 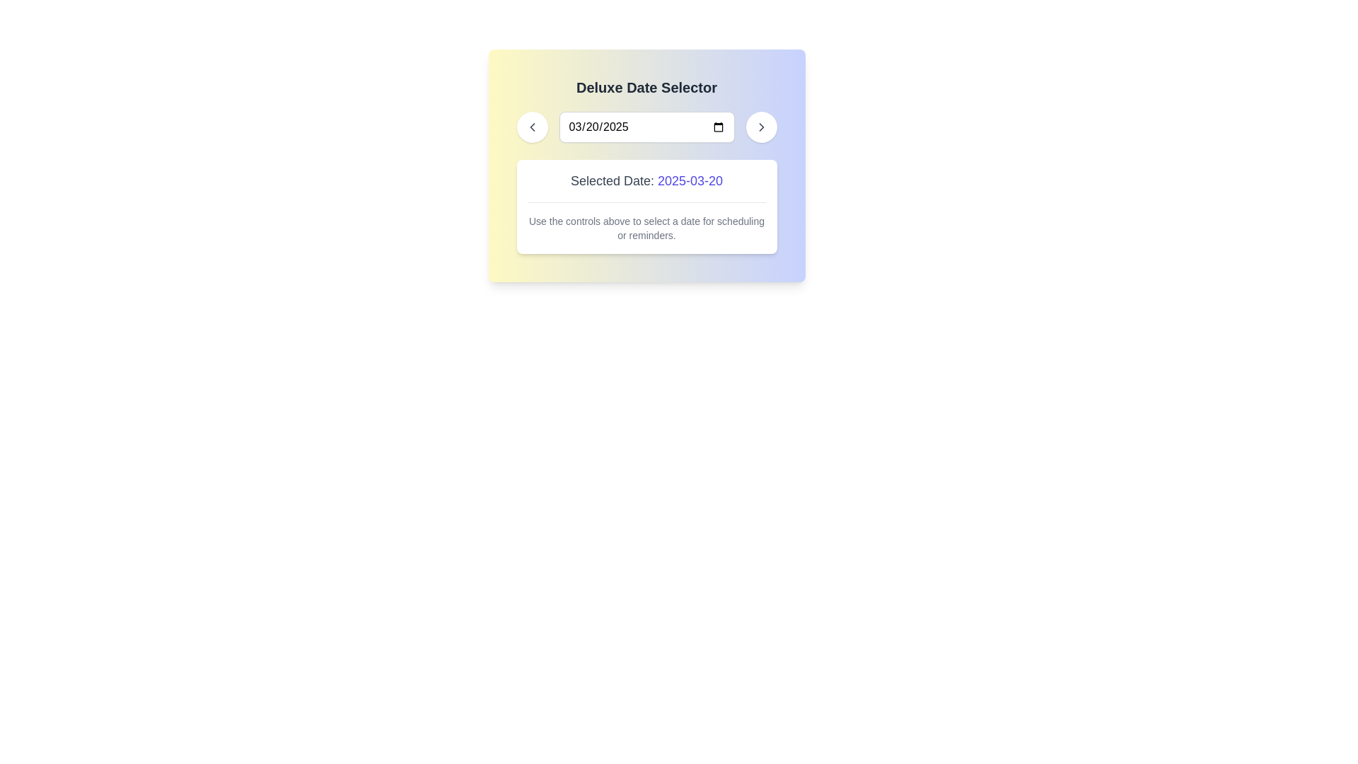 What do you see at coordinates (760, 127) in the screenshot?
I see `the navigation icon located within the circular button at the top right of the interface` at bounding box center [760, 127].